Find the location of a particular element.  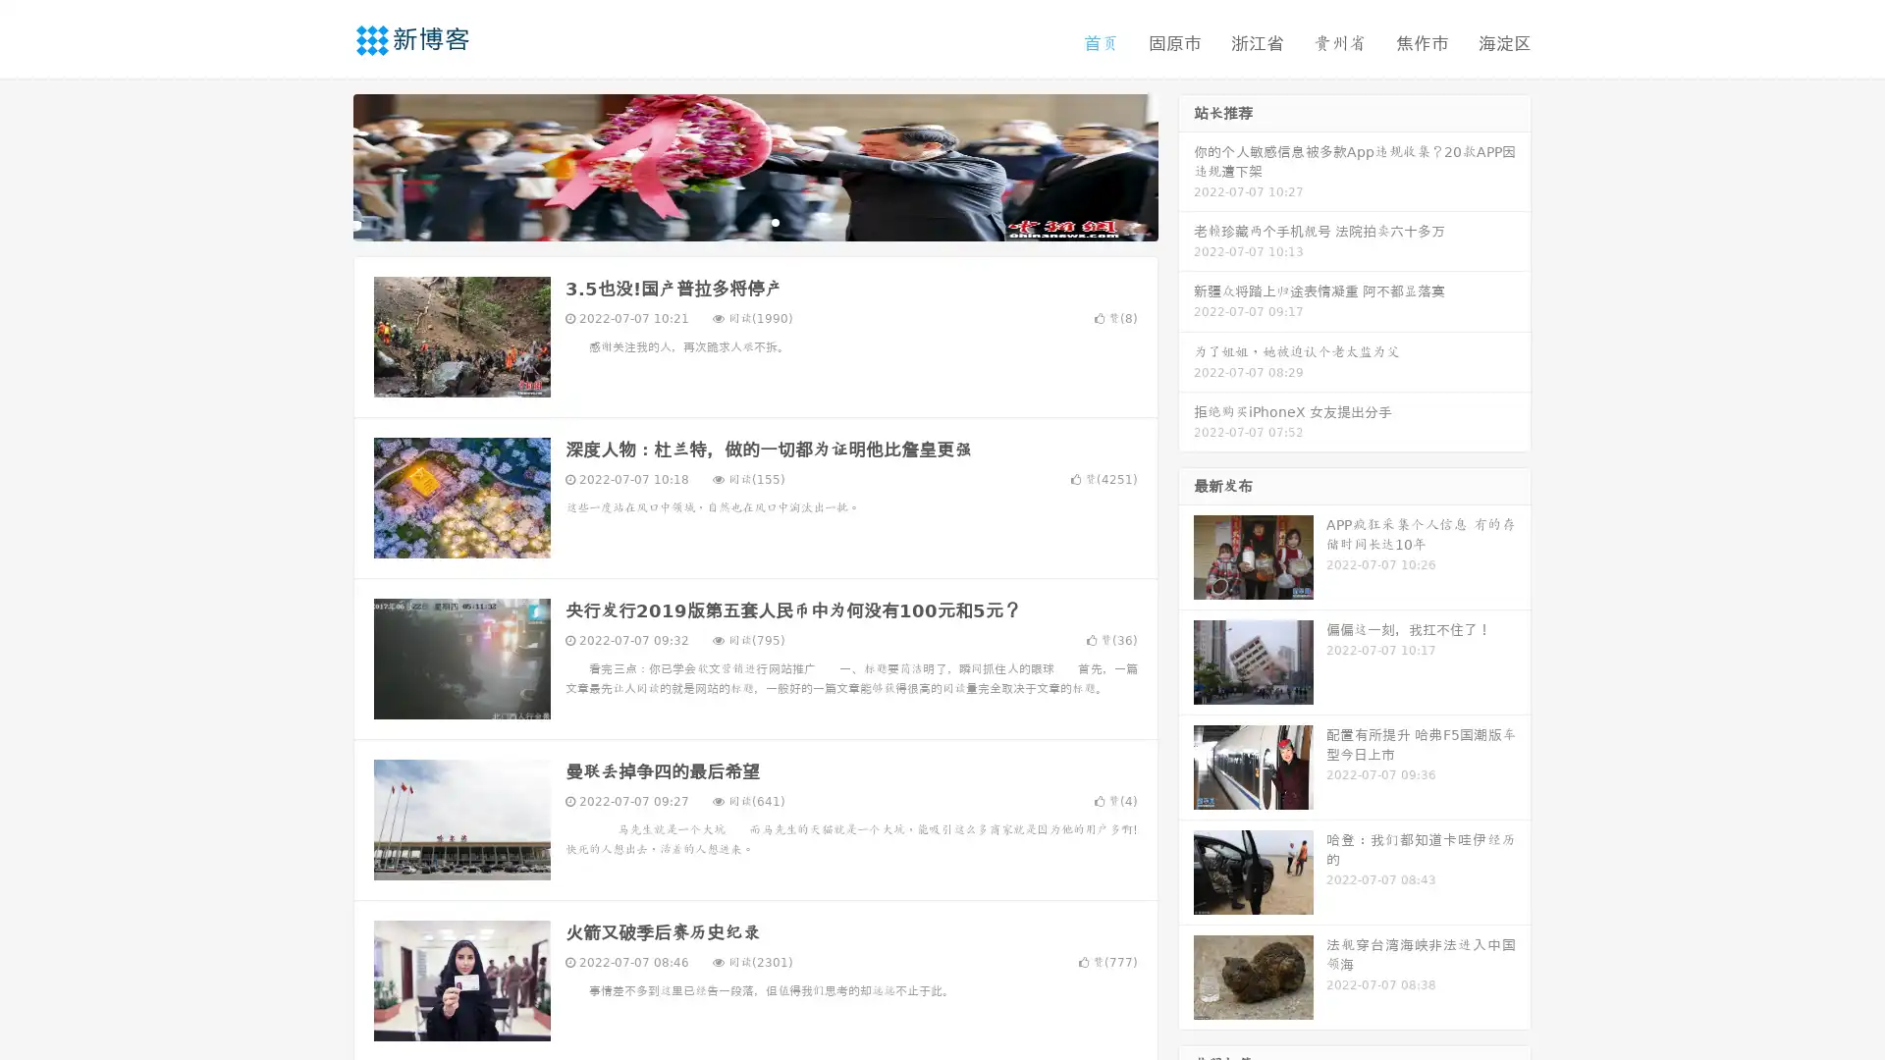

Go to slide 1 is located at coordinates (734, 221).